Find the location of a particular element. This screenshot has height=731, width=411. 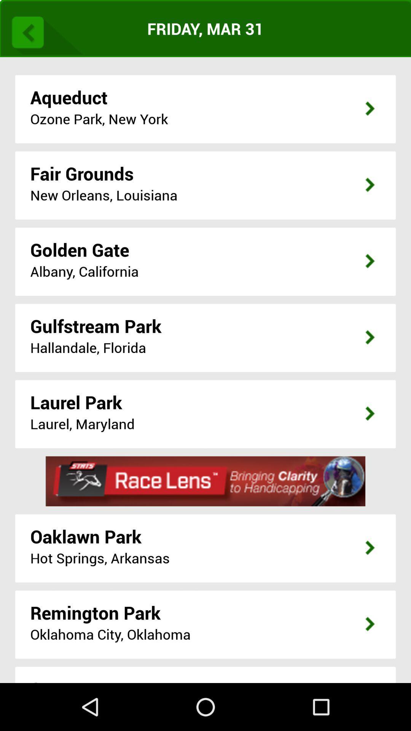

the arrow_backward icon is located at coordinates (45, 32).